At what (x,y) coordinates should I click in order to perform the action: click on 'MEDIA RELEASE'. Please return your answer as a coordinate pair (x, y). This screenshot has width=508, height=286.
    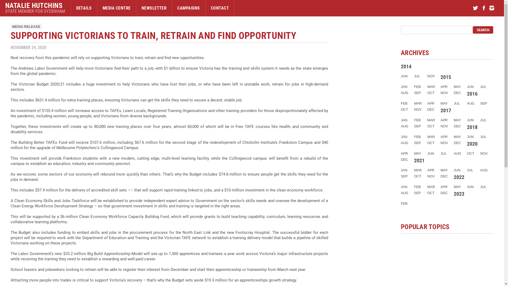
    Looking at the image, I should click on (26, 26).